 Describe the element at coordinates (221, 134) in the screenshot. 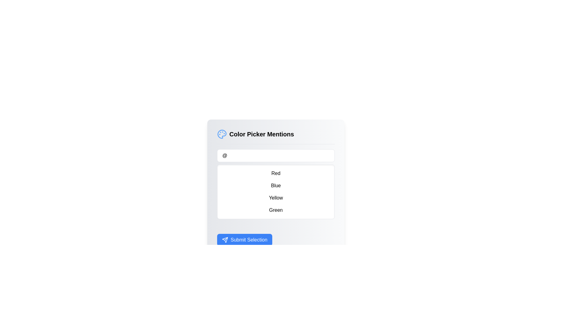

I see `the color picker icon located to the upper-left of the 'Color Picker Mentions' section, adjacent to the title` at that location.